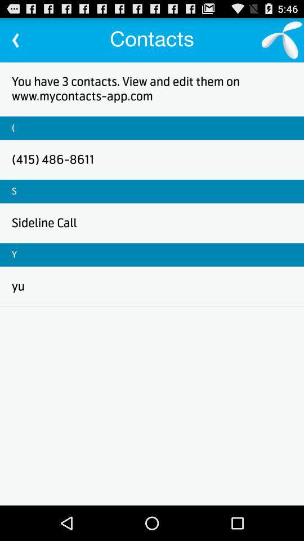 The width and height of the screenshot is (304, 541). What do you see at coordinates (12, 128) in the screenshot?
I see `the icon below the you have 3 icon` at bounding box center [12, 128].